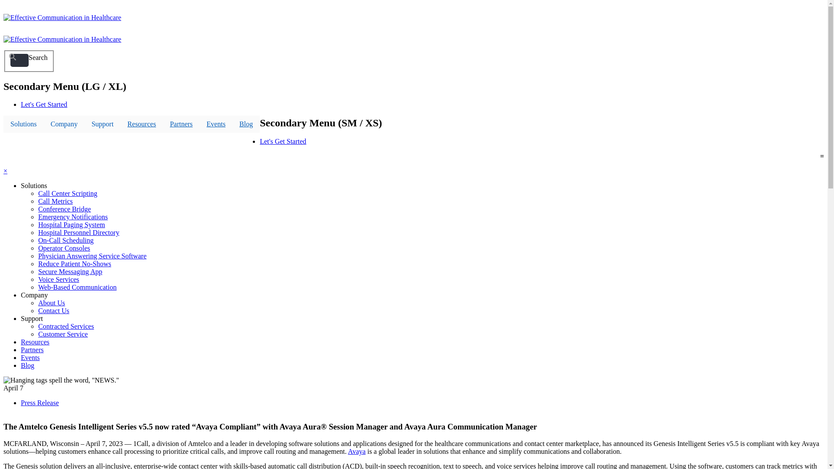 This screenshot has width=834, height=469. Describe the element at coordinates (37, 255) in the screenshot. I see `'Physician Answering Service Software'` at that location.